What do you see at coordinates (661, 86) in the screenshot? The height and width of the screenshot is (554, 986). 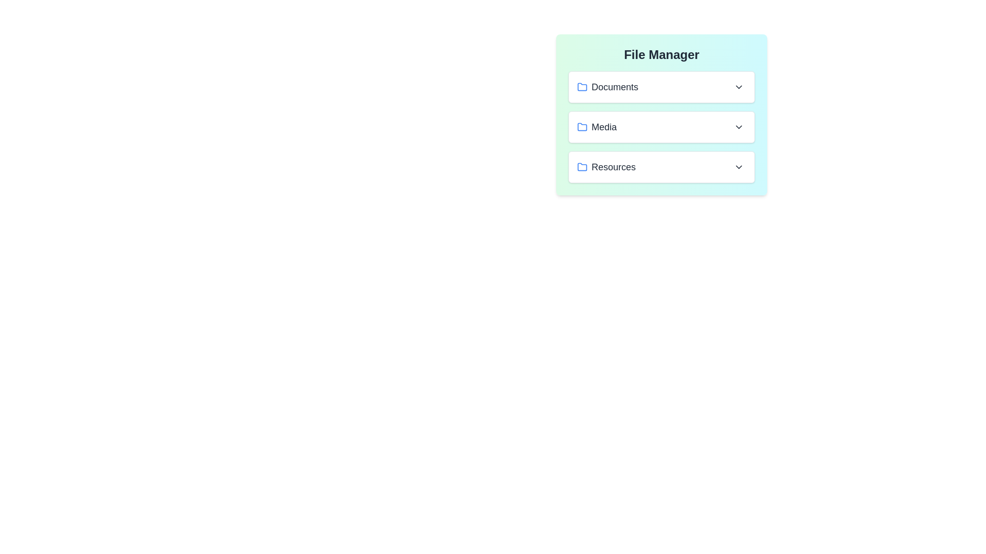 I see `the file ProjectPlan.docx from the folder Documents` at bounding box center [661, 86].